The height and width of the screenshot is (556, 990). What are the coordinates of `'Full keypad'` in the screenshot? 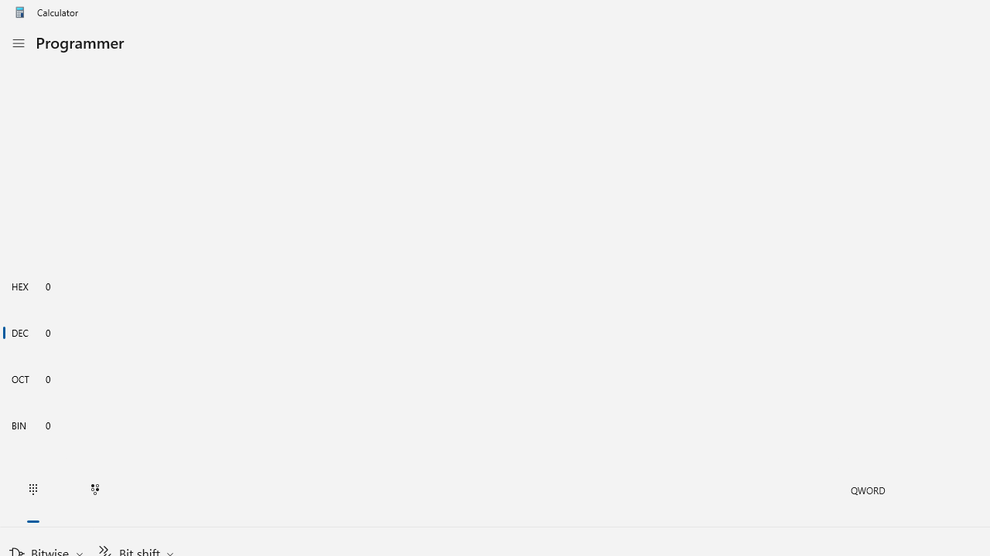 It's located at (32, 490).